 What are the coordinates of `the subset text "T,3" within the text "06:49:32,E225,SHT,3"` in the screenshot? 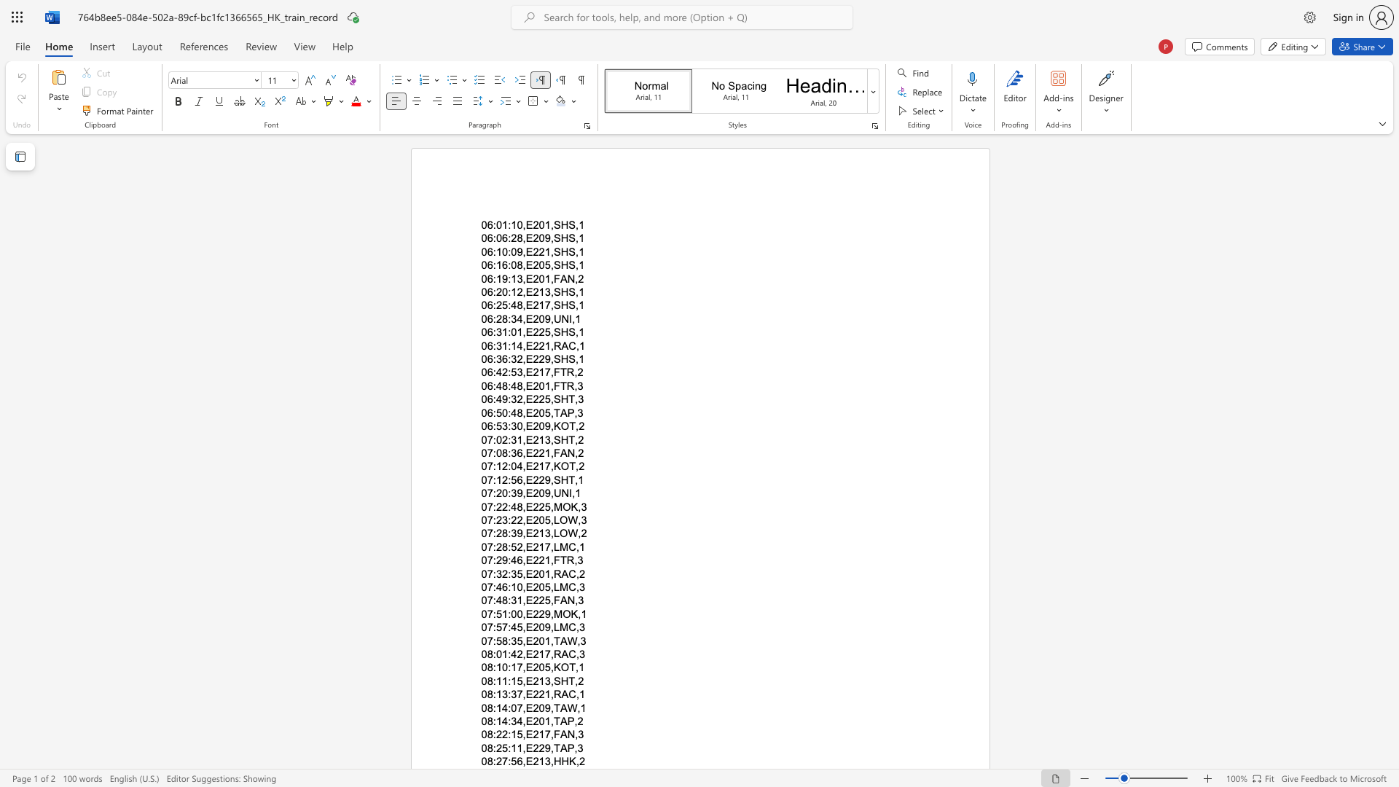 It's located at (568, 399).